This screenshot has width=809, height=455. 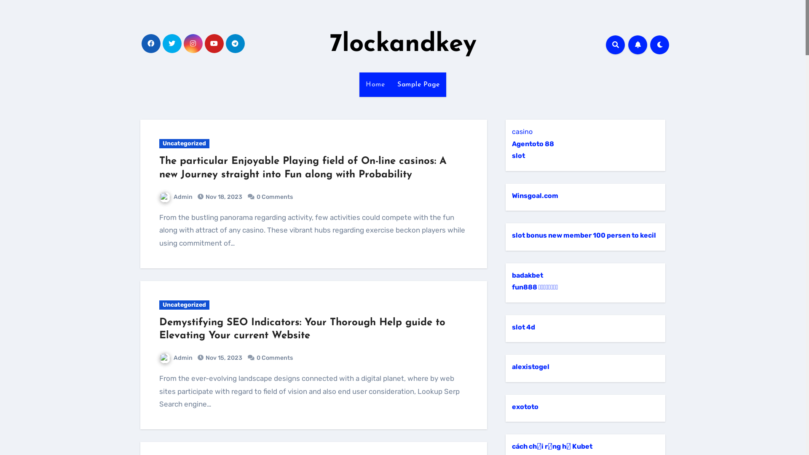 I want to click on 'Home', so click(x=359, y=84).